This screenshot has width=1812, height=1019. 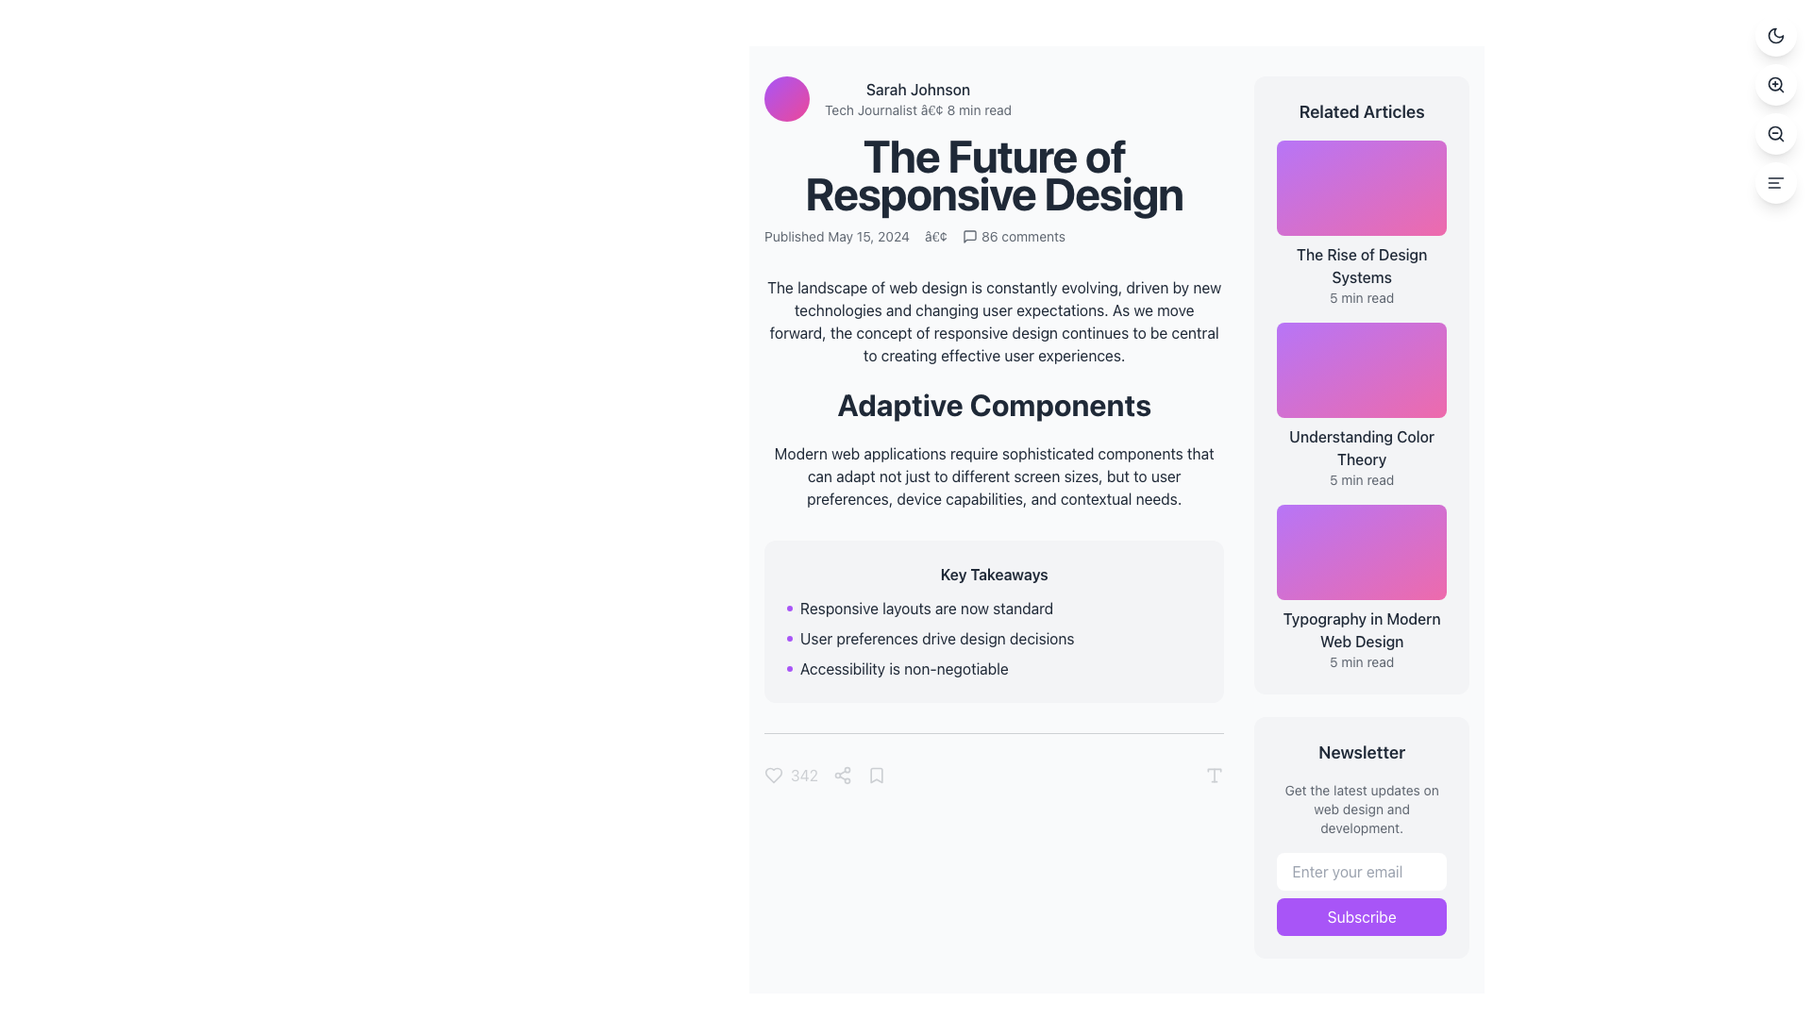 What do you see at coordinates (1362, 916) in the screenshot?
I see `the 'Subscribe' button, which is a rectangular button with white text on a purple background located in the 'Newsletter' section at the bottom right of the interface` at bounding box center [1362, 916].